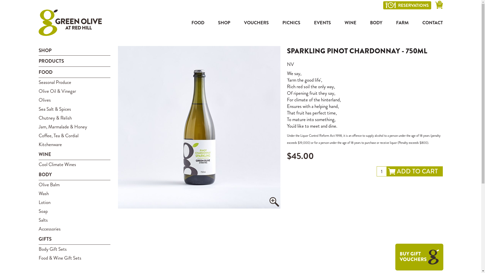  Describe the element at coordinates (430, 22) in the screenshot. I see `'CONTACT'` at that location.